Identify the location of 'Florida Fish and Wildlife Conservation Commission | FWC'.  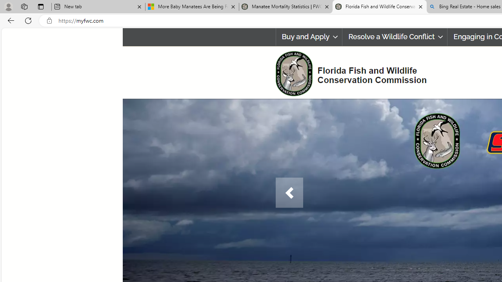
(379, 7).